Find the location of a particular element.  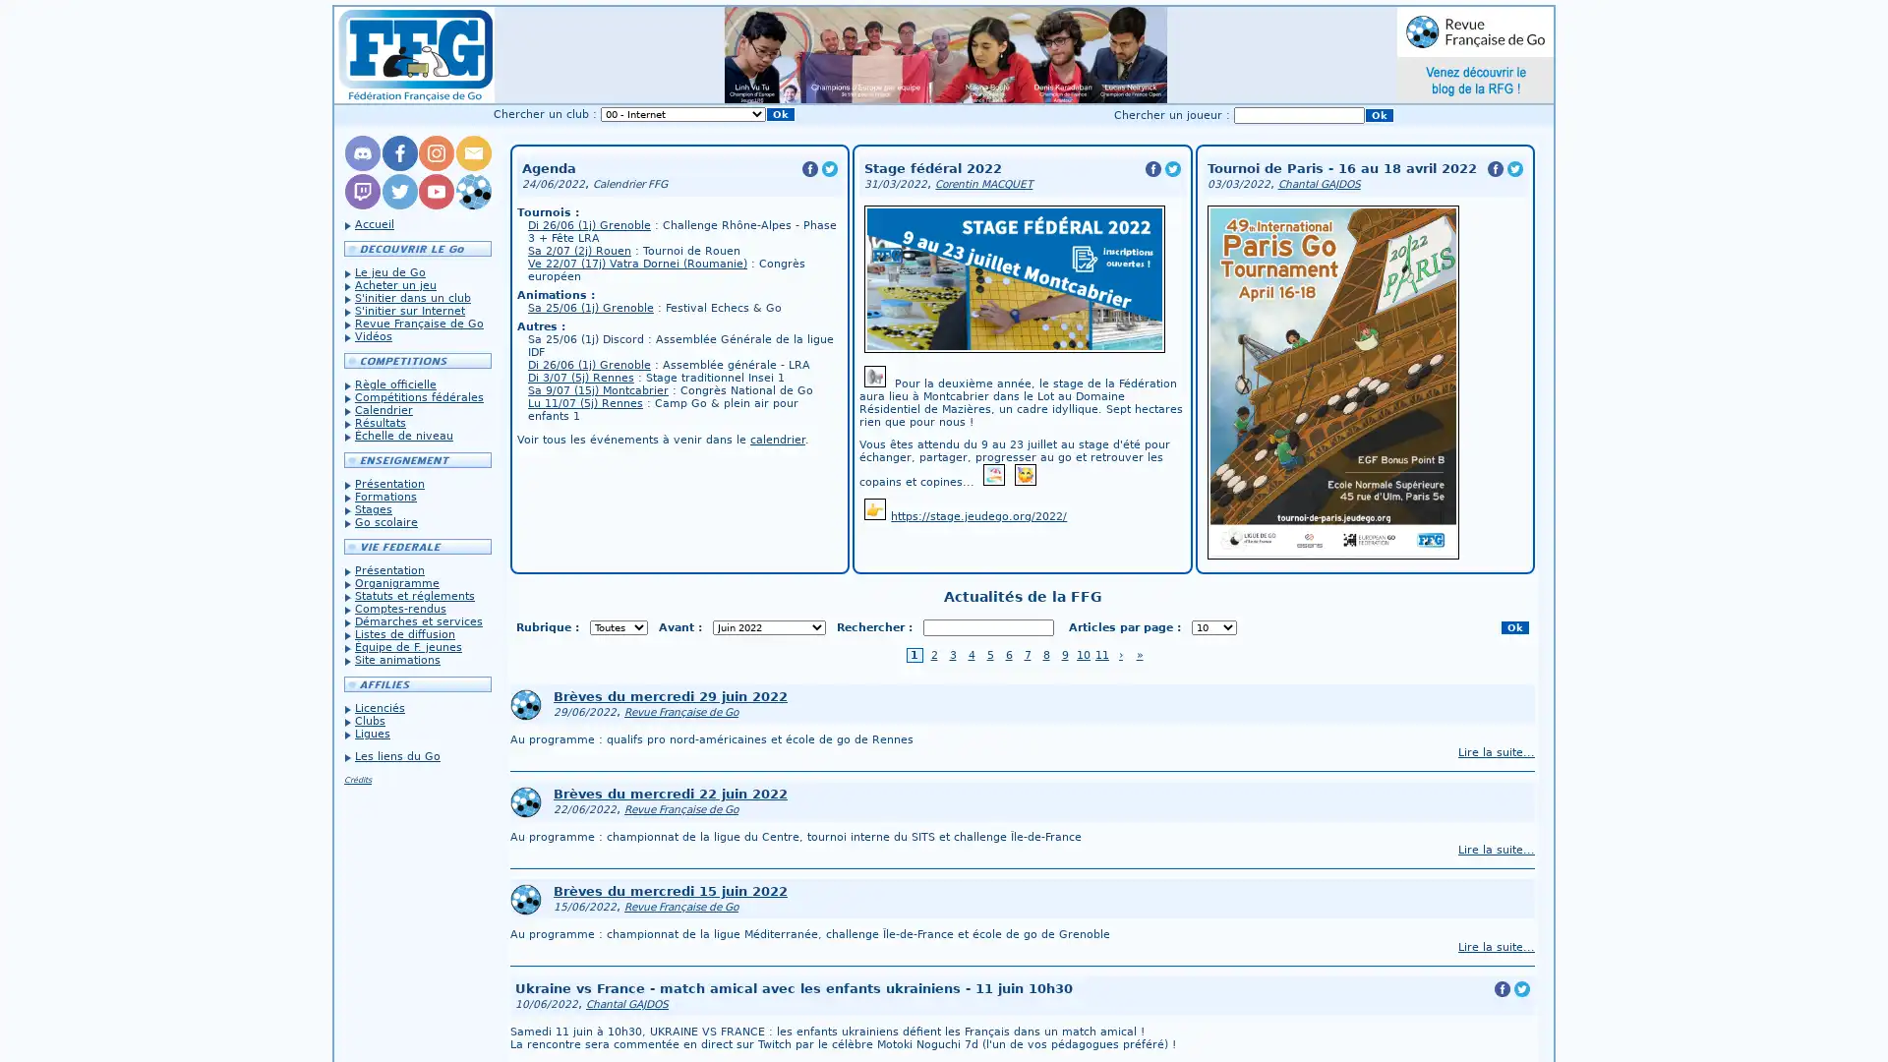

Ok is located at coordinates (1378, 115).